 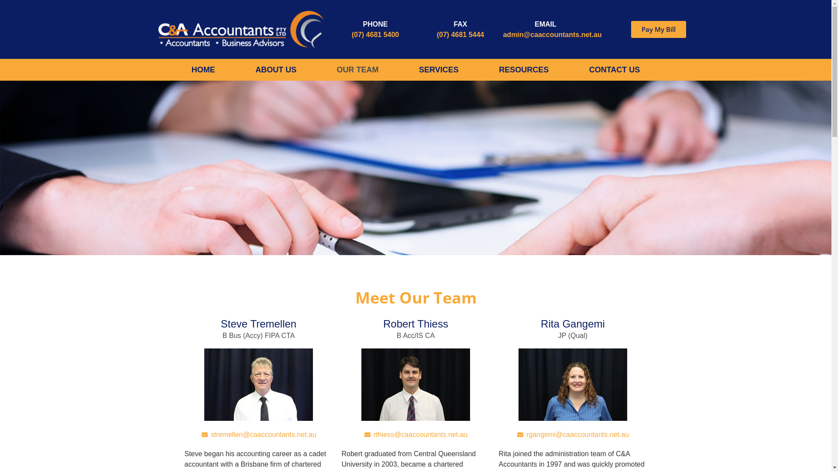 I want to click on 'Pay My Bill', so click(x=658, y=29).